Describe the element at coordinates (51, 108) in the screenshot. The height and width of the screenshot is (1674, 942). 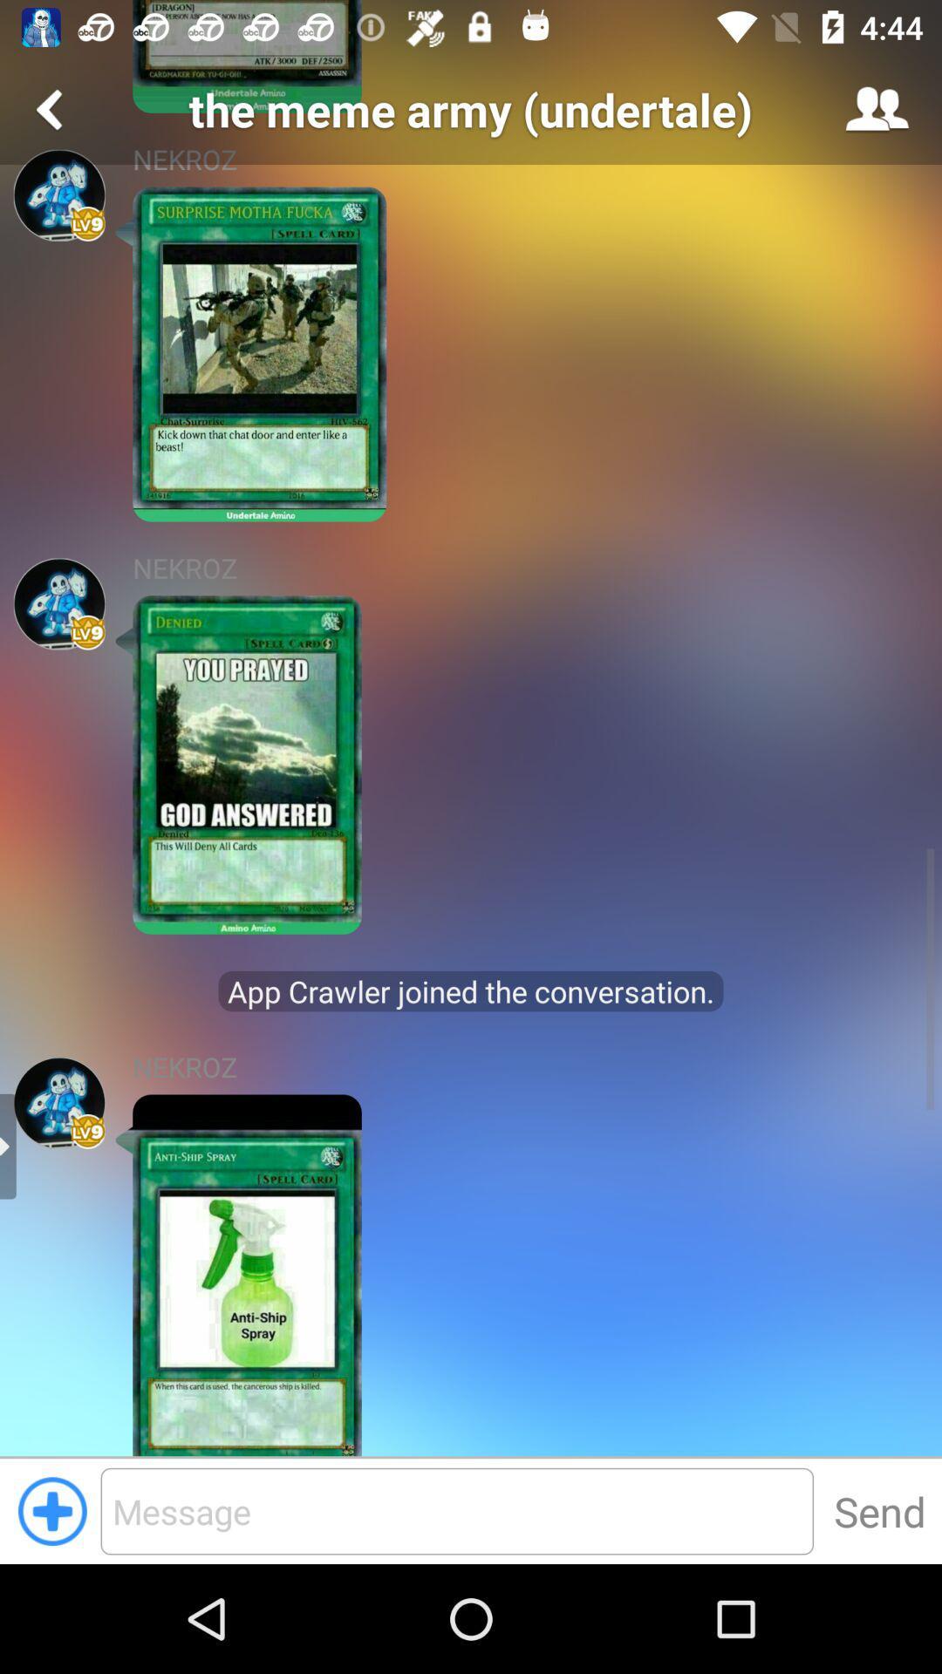
I see `menu page` at that location.